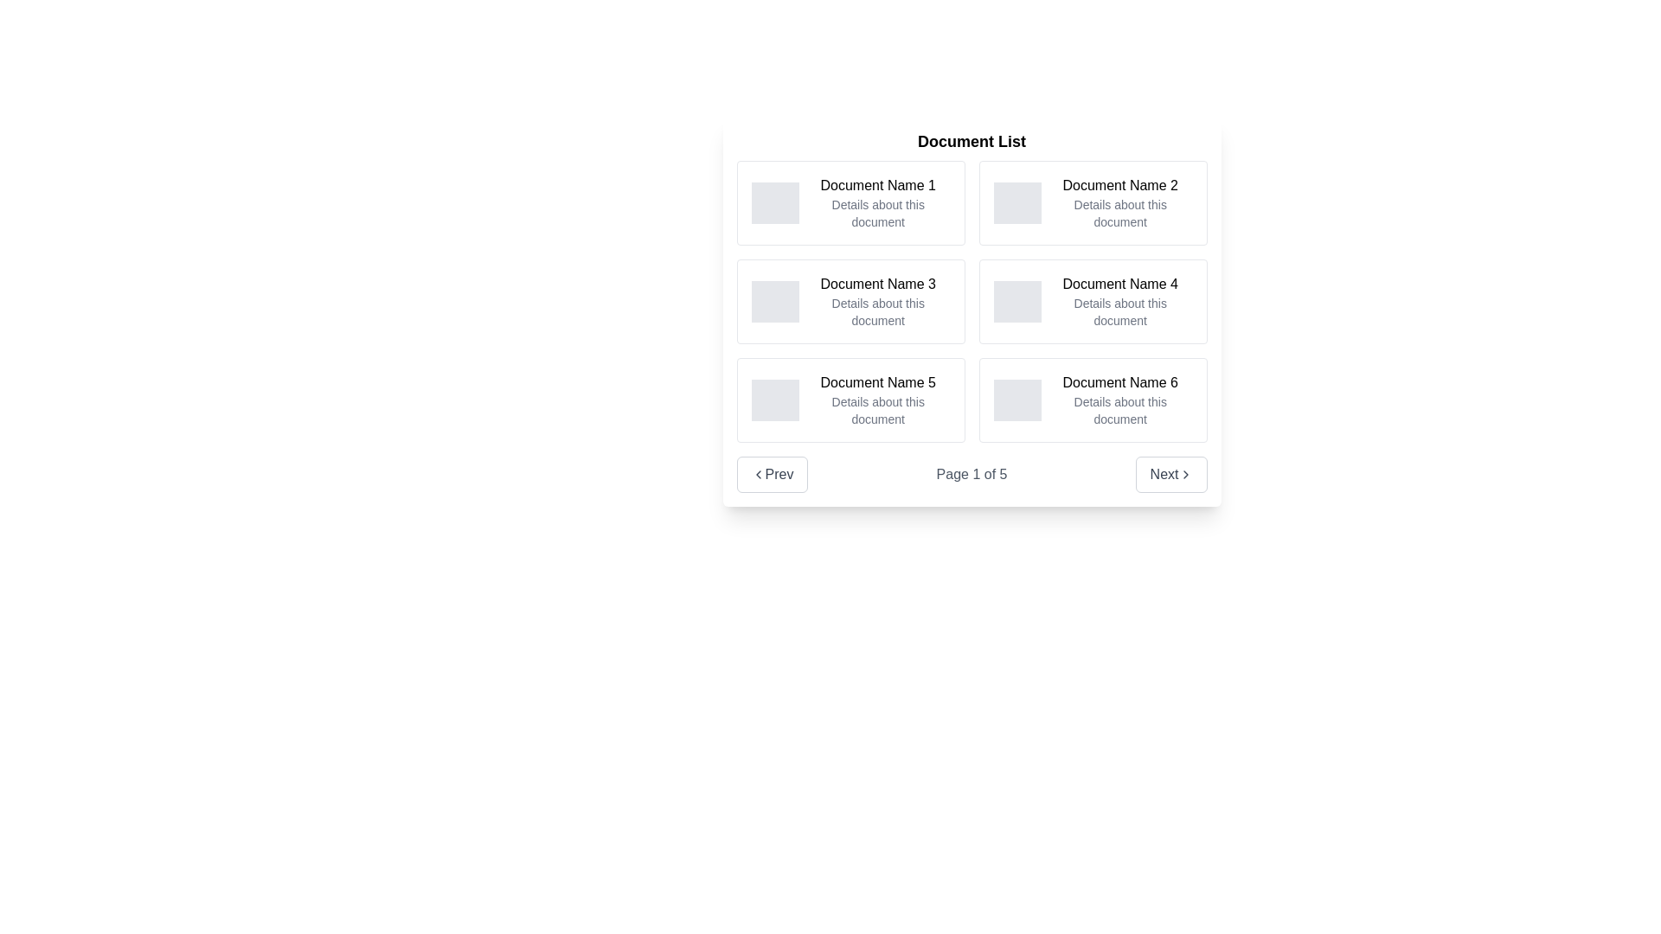  I want to click on the List item displaying the title and description of a document, so click(878, 400).